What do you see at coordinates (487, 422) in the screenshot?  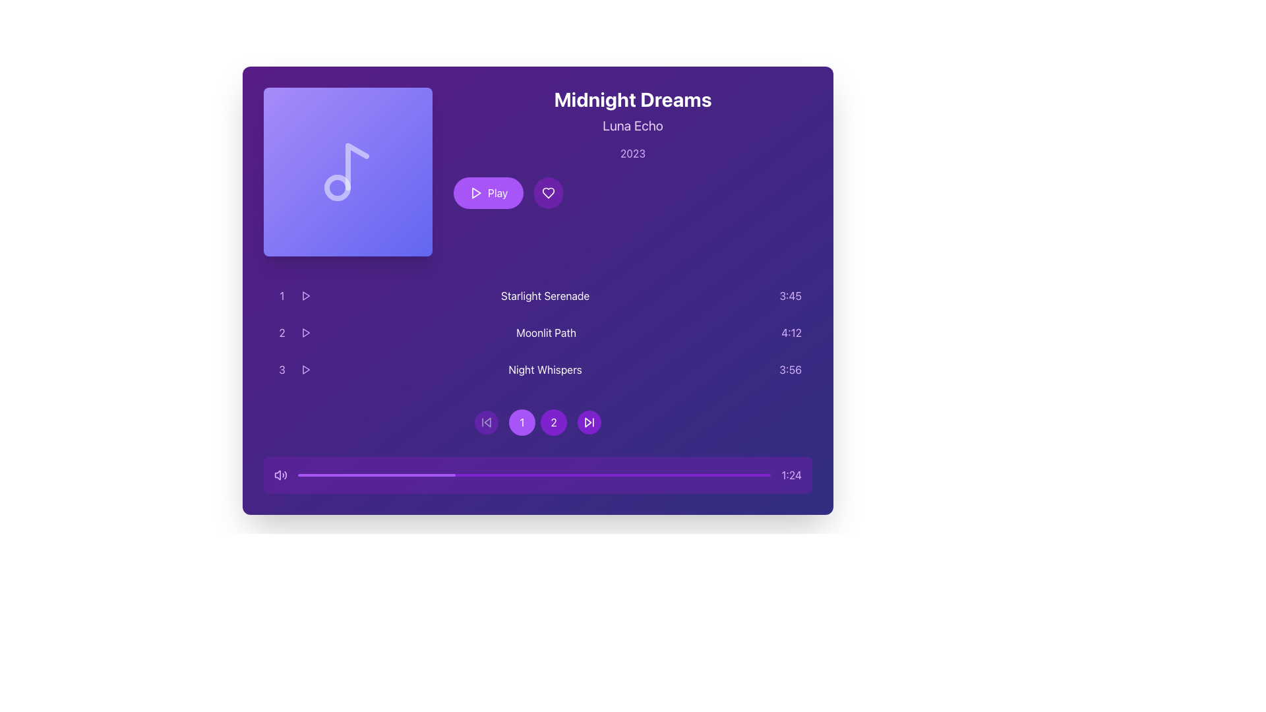 I see `the triangular left arrow icon in the media player interface` at bounding box center [487, 422].